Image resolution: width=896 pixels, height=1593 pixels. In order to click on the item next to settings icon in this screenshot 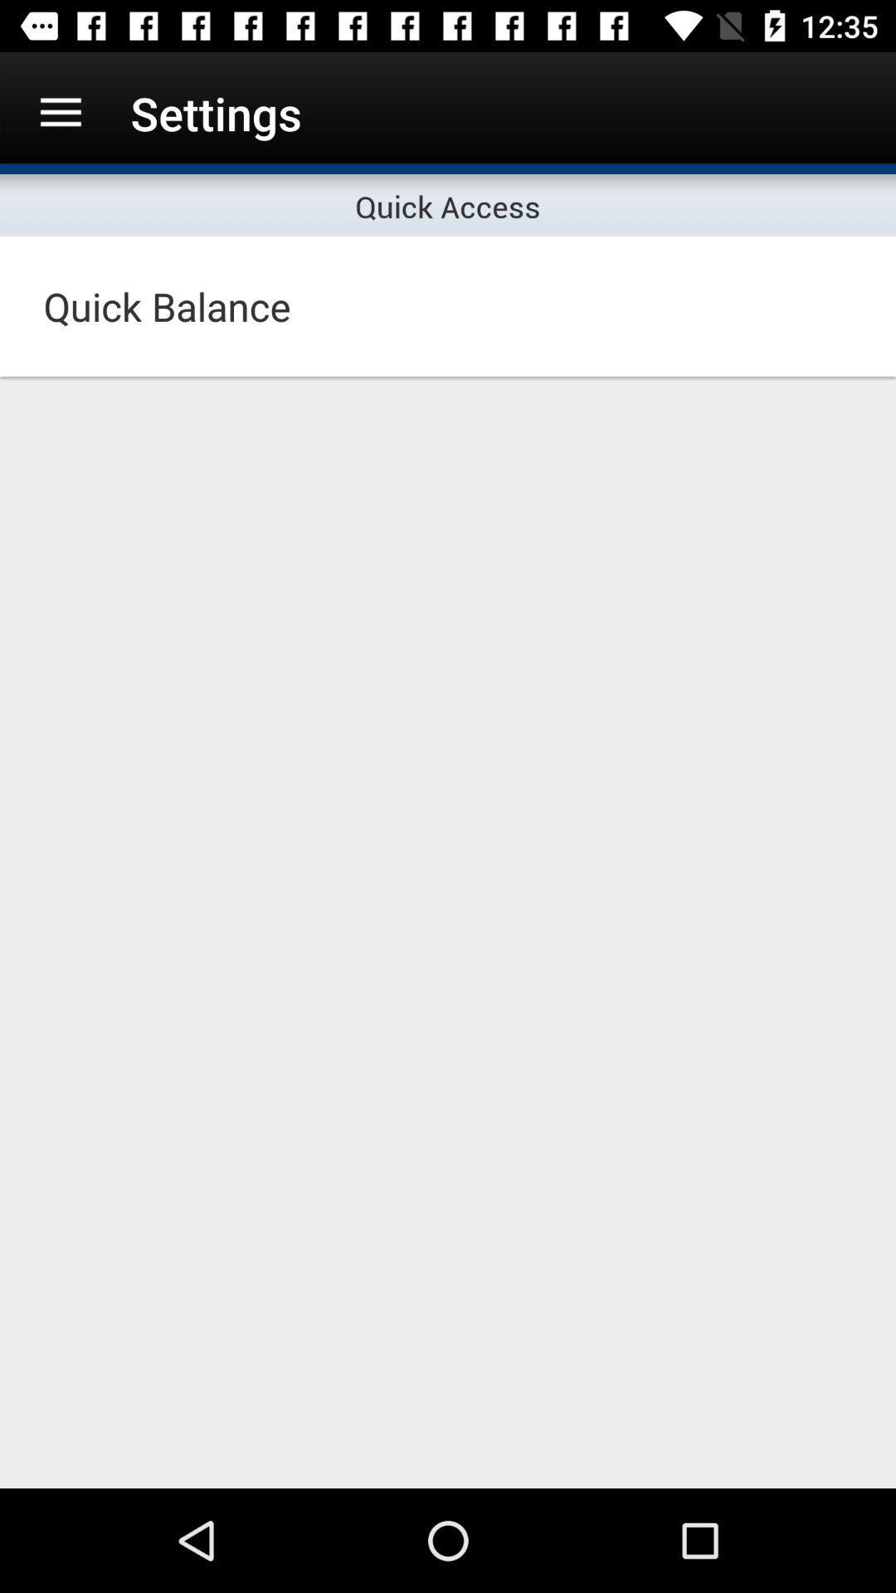, I will do `click(60, 112)`.